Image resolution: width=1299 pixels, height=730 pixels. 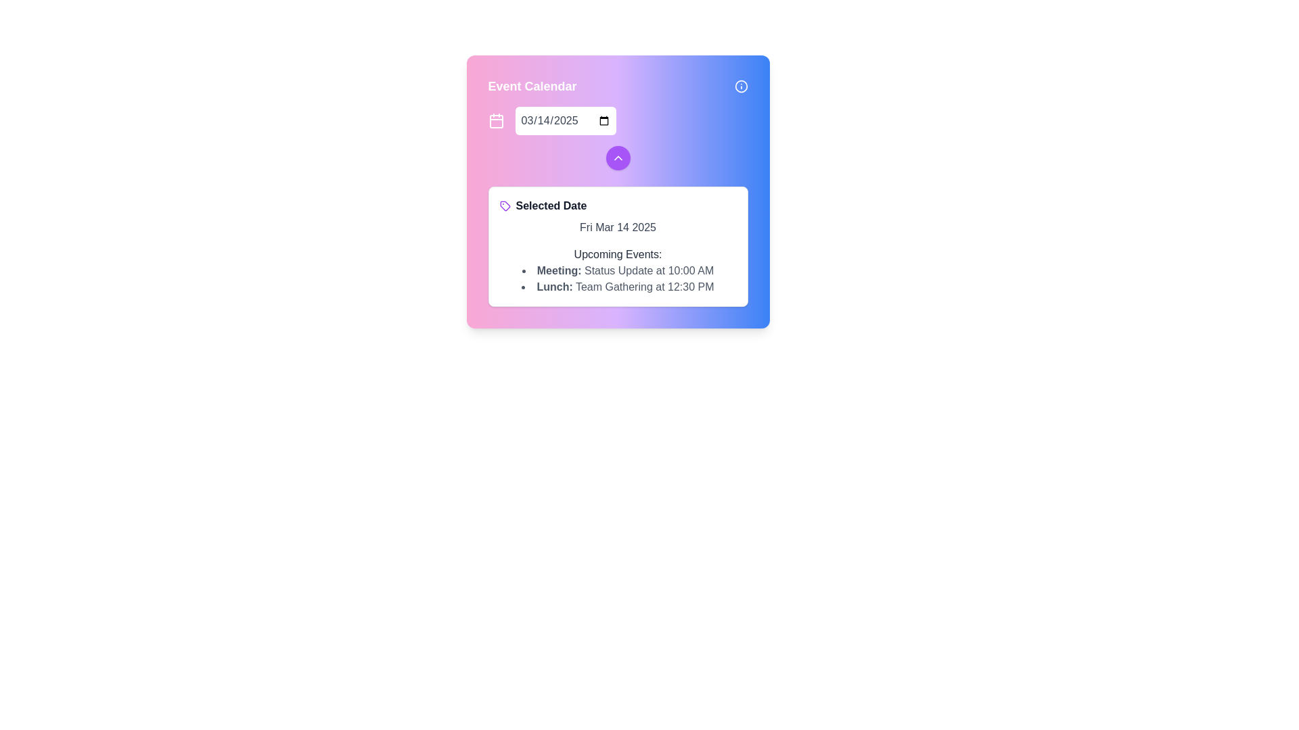 What do you see at coordinates (617, 278) in the screenshot?
I see `the bulleted list containing 'Meeting: Status Update at 10:00 AM' and 'Lunch: Team Gathering at 12:30 PM', which is located under the heading 'Upcoming Events:' on the card interface` at bounding box center [617, 278].